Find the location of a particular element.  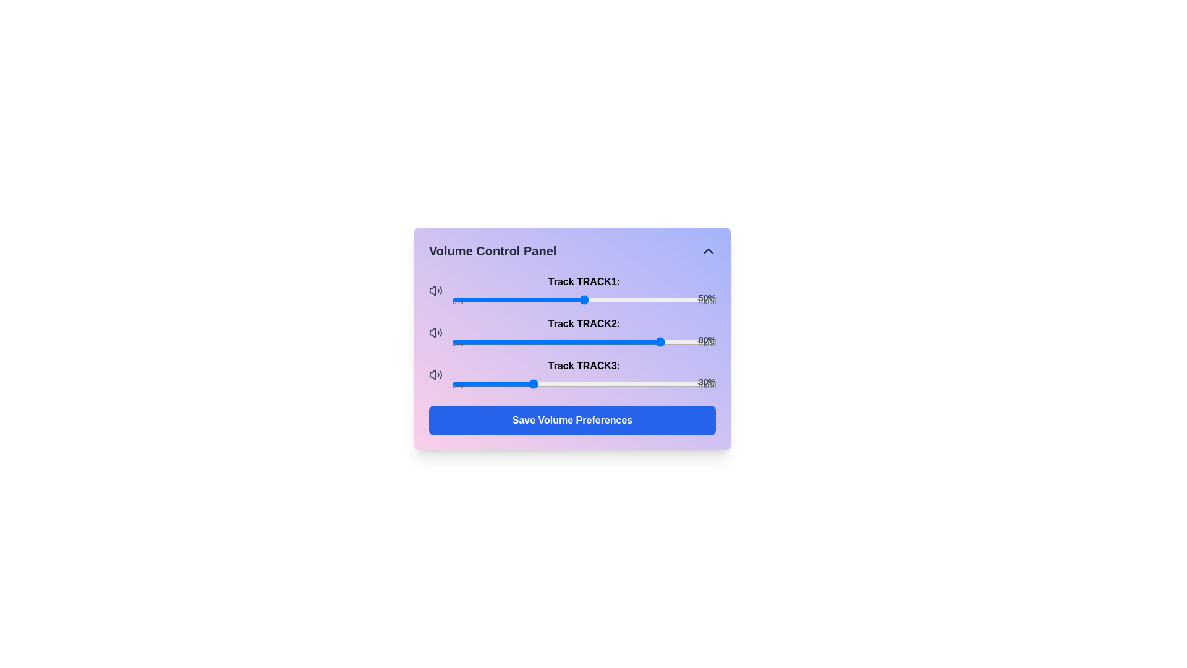

the small speaker icon, which is styled with a thin outline and located immediately to the left of the 'Track TRACK3:' label is located at coordinates (436, 374).